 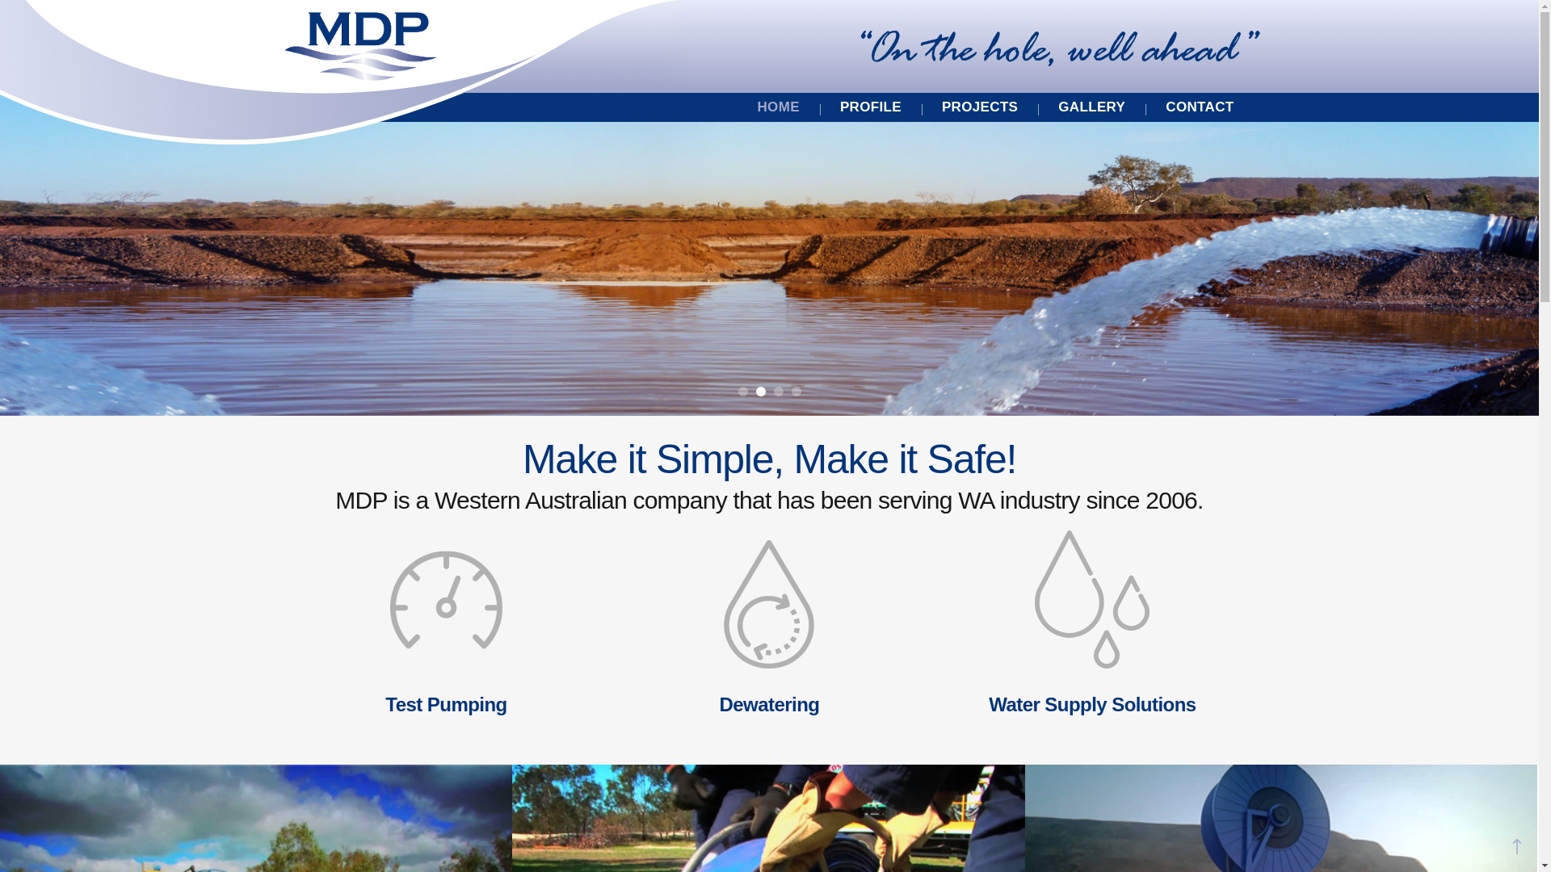 I want to click on '1', so click(x=737, y=392).